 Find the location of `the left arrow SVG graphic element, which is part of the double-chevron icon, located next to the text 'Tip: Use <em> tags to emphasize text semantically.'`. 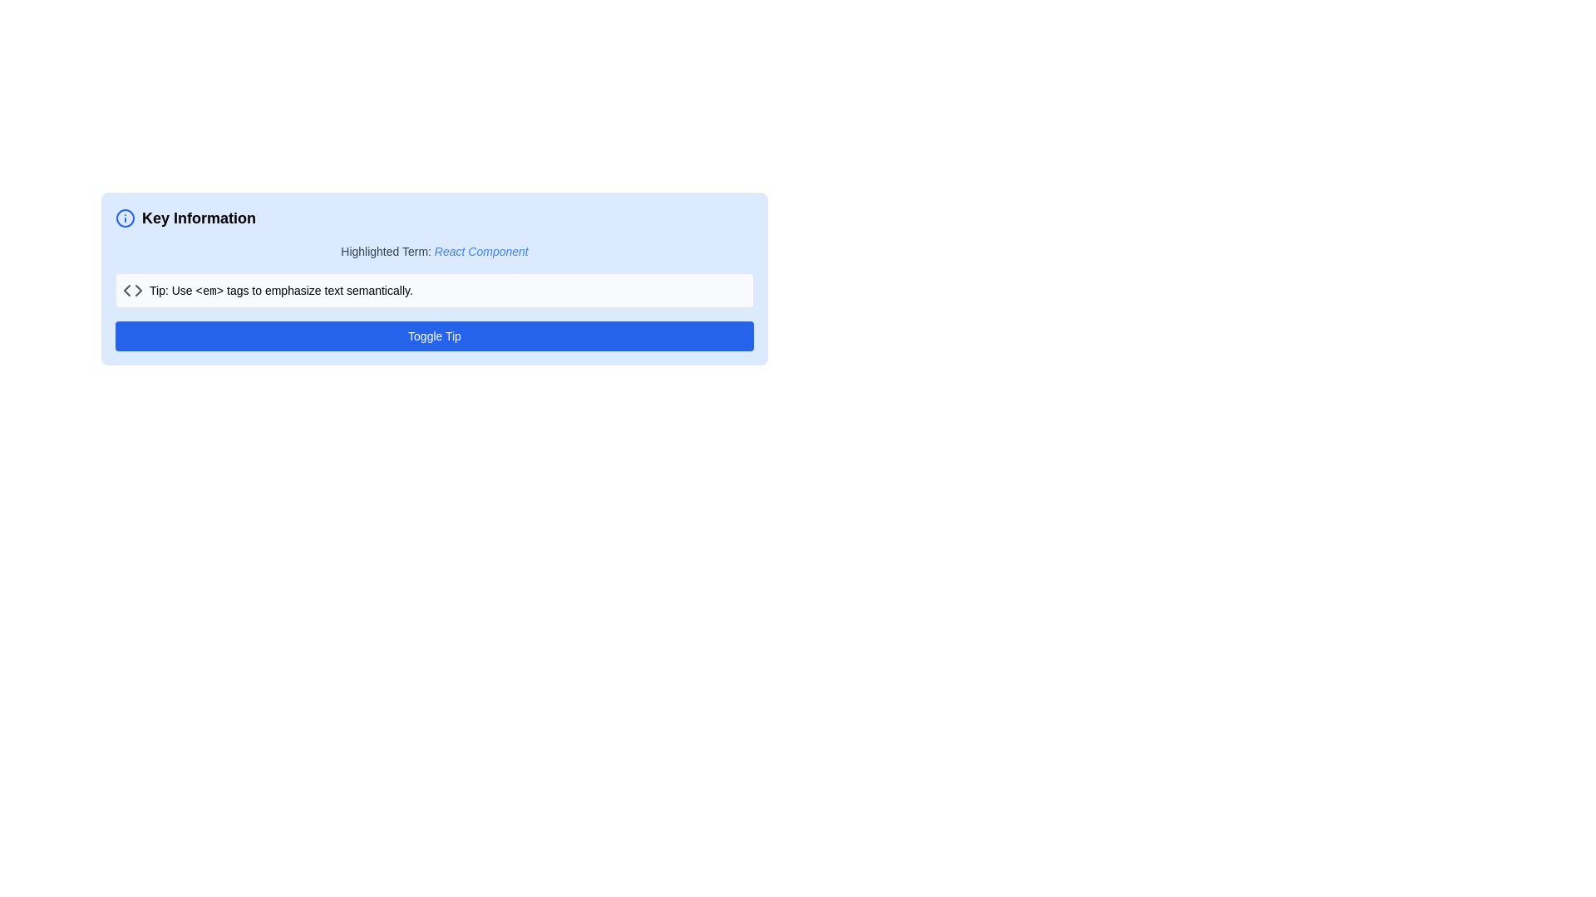

the left arrow SVG graphic element, which is part of the double-chevron icon, located next to the text 'Tip: Use <em> tags to emphasize text semantically.' is located at coordinates (126, 290).